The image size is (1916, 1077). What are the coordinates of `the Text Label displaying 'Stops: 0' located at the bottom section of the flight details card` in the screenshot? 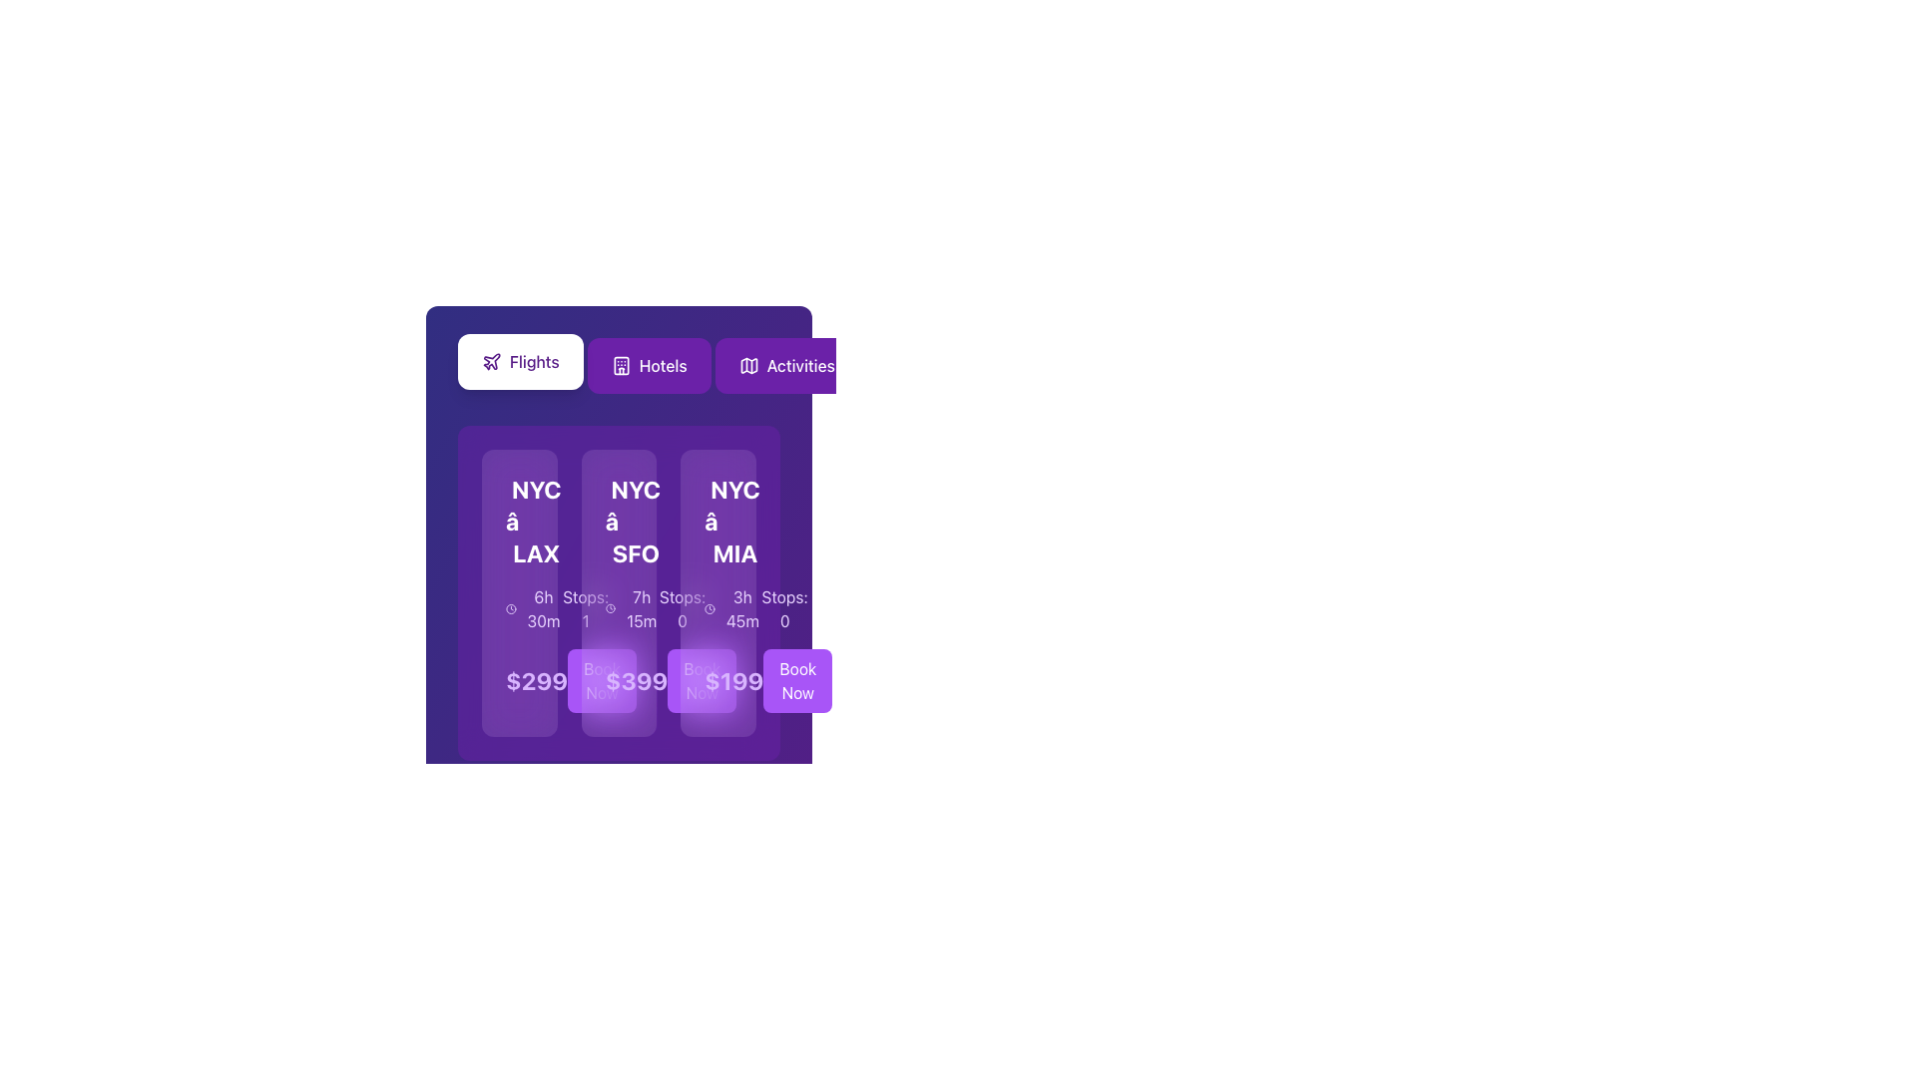 It's located at (783, 607).